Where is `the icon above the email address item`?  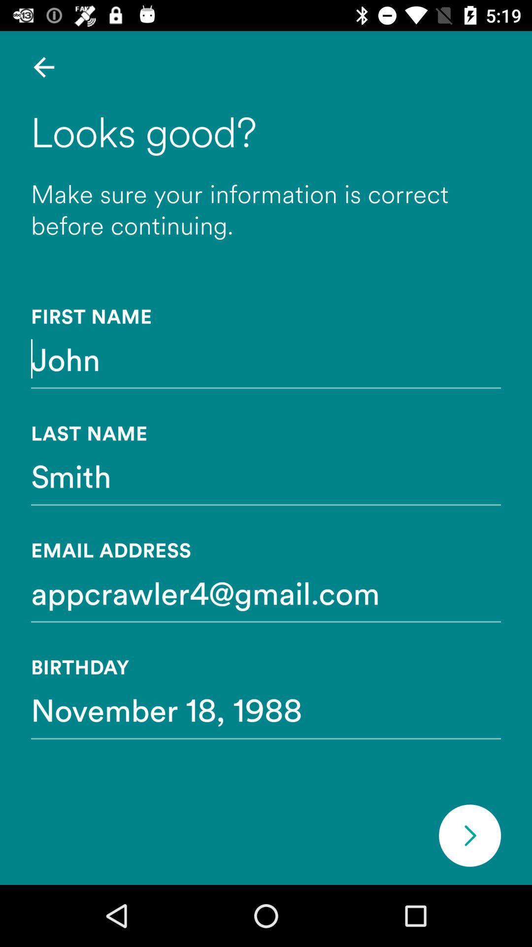 the icon above the email address item is located at coordinates (266, 475).